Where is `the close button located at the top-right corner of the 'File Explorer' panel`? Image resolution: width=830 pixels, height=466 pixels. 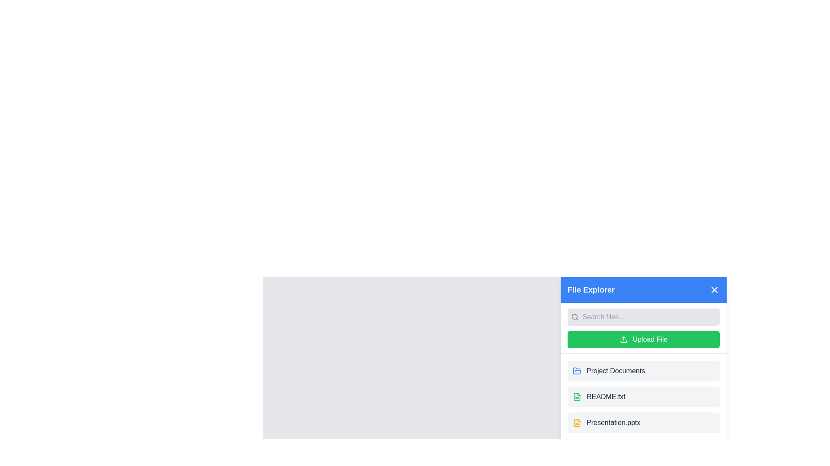 the close button located at the top-right corner of the 'File Explorer' panel is located at coordinates (714, 290).